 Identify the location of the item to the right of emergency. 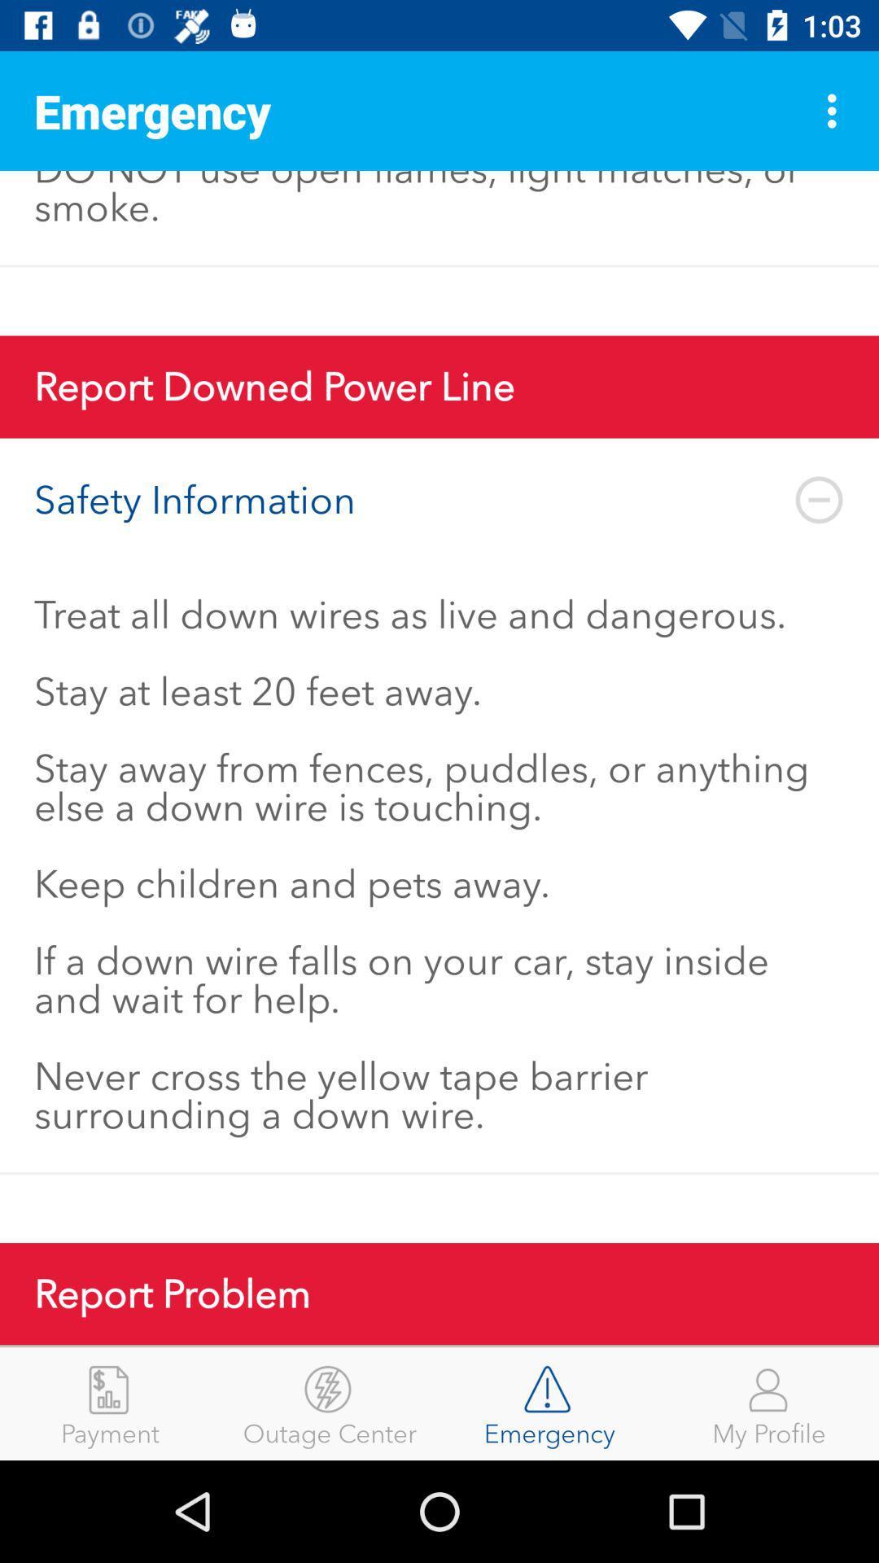
(769, 1403).